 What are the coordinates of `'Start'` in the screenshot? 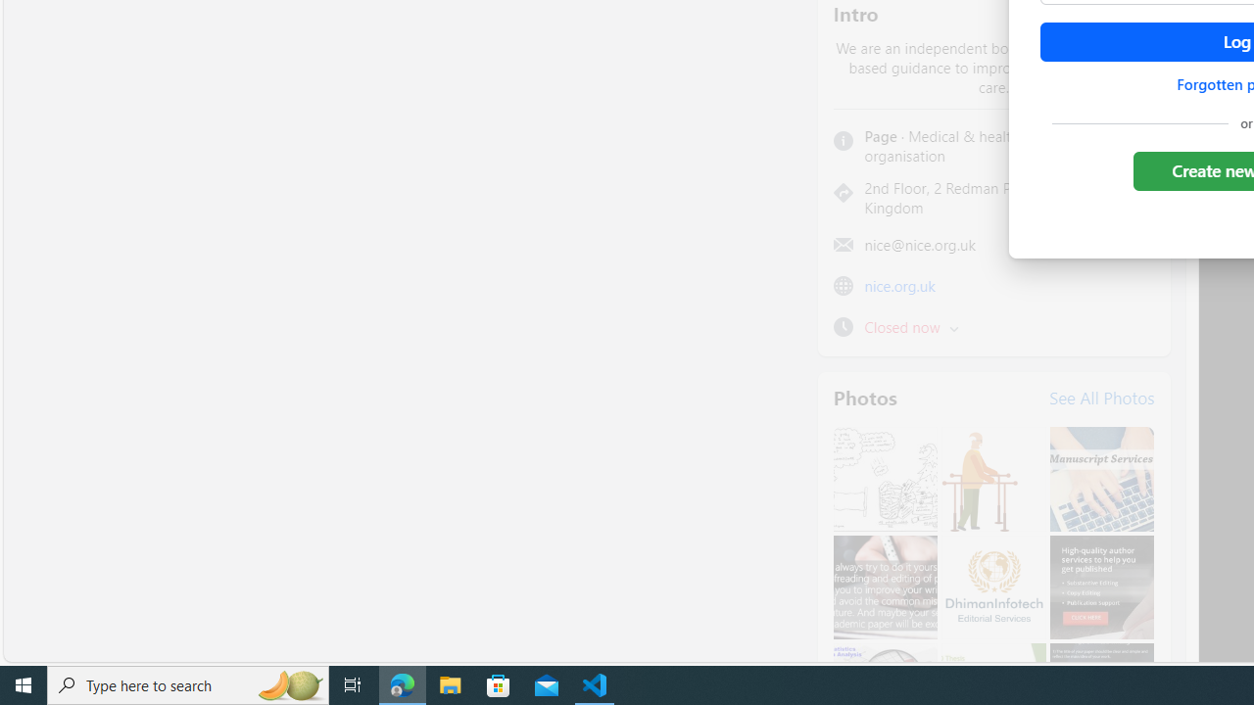 It's located at (24, 683).